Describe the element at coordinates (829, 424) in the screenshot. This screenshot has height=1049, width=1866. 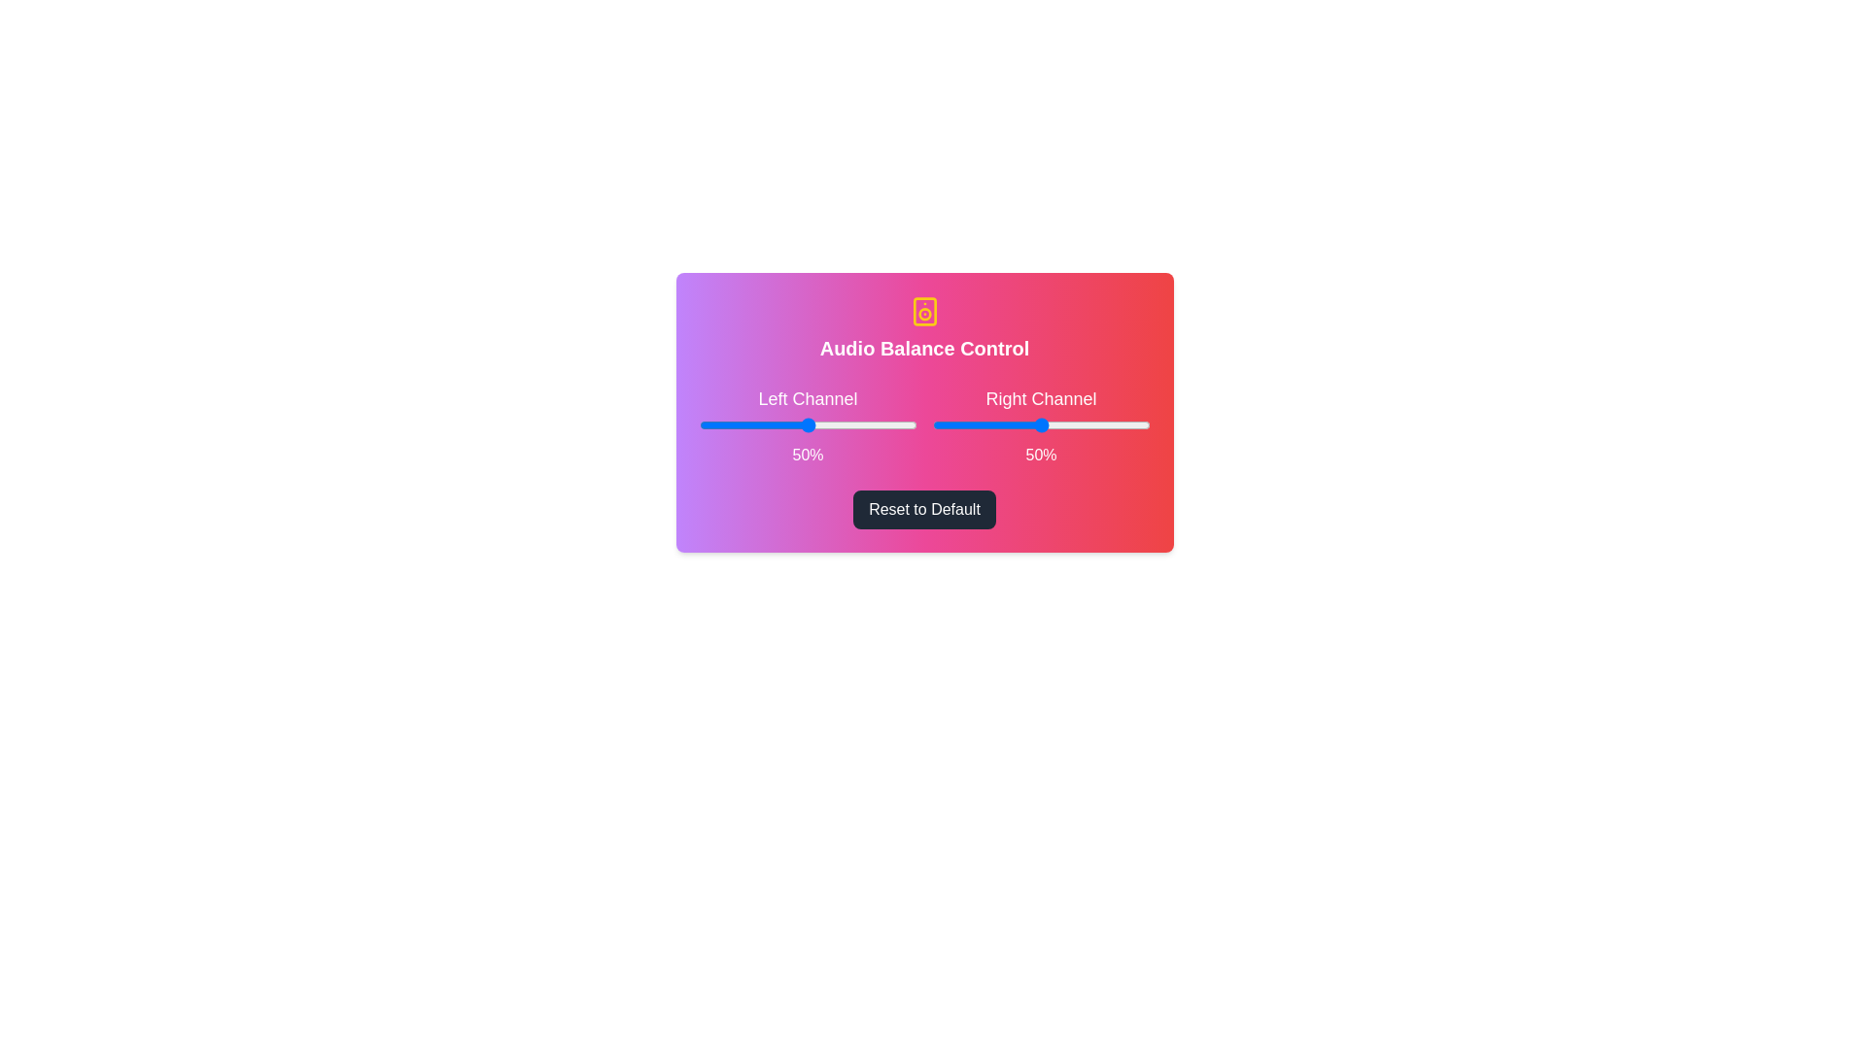
I see `the left slider to 60%` at that location.